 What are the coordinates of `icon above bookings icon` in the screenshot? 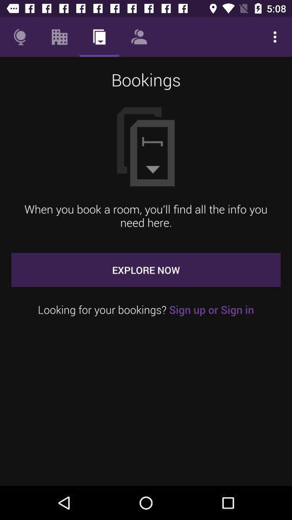 It's located at (275, 37).